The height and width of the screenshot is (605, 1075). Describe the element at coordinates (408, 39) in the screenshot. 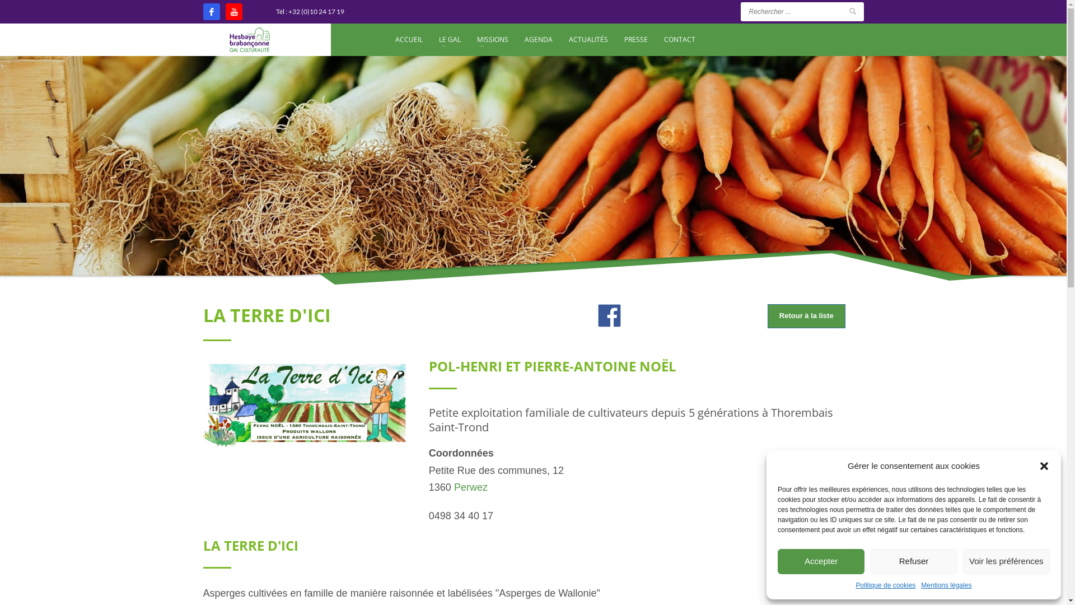

I see `'ACCUEIL'` at that location.